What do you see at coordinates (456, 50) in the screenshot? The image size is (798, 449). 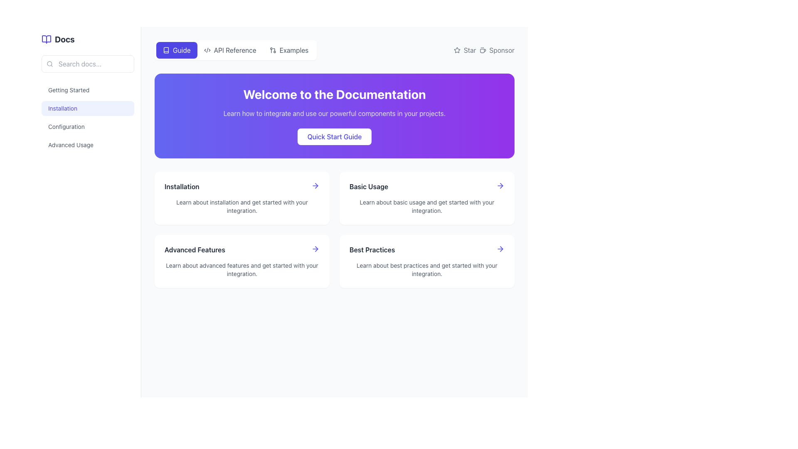 I see `the star-shaped icon that is part of a rating system, located adjacent to the label that says 'Star'` at bounding box center [456, 50].